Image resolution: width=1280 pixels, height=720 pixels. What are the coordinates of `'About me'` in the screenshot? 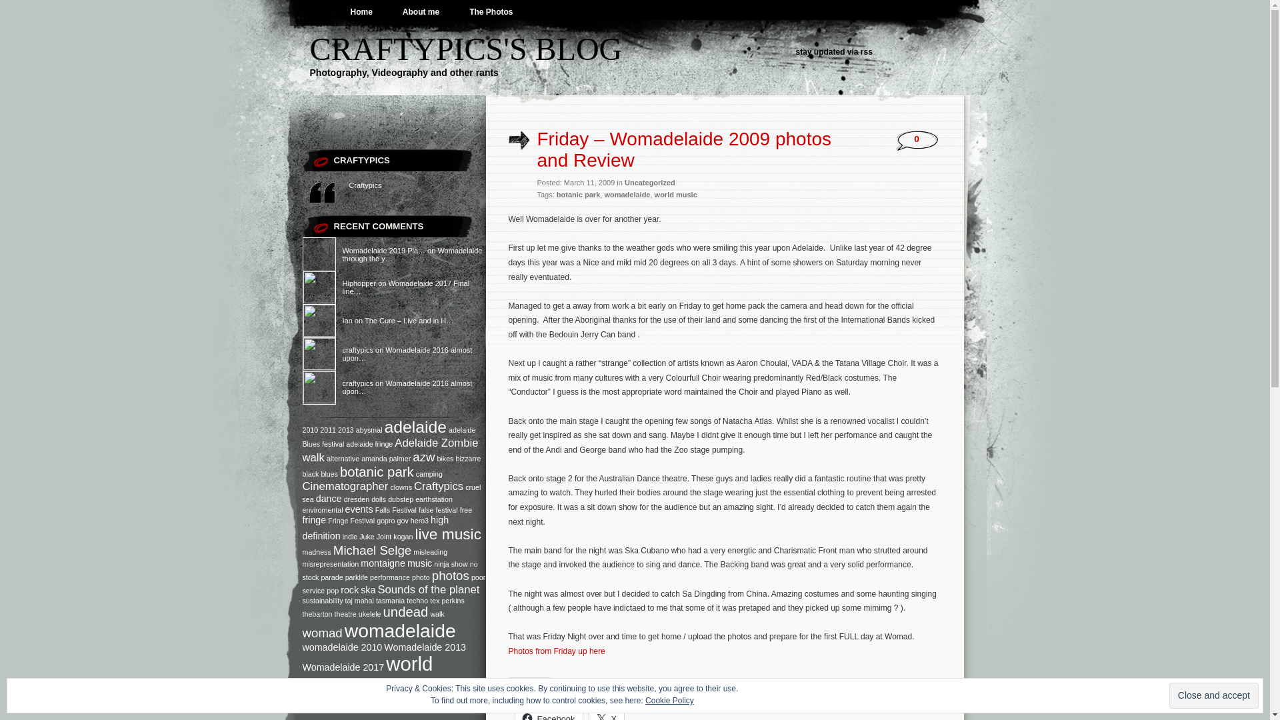 It's located at (420, 12).